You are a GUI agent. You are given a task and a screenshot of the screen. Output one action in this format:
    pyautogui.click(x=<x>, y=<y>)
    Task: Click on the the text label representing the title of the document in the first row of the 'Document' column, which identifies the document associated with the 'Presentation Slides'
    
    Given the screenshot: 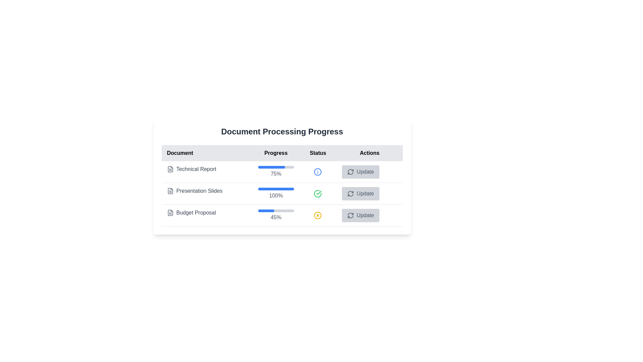 What is the action you would take?
    pyautogui.click(x=196, y=169)
    